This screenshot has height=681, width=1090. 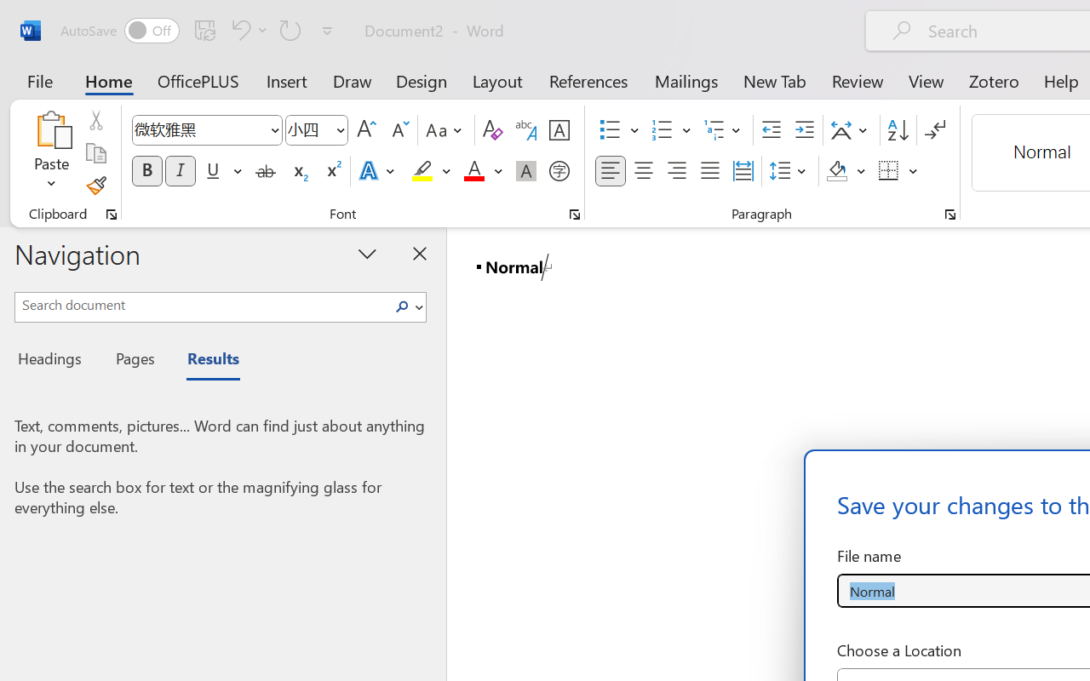 What do you see at coordinates (559, 130) in the screenshot?
I see `'Character Border'` at bounding box center [559, 130].